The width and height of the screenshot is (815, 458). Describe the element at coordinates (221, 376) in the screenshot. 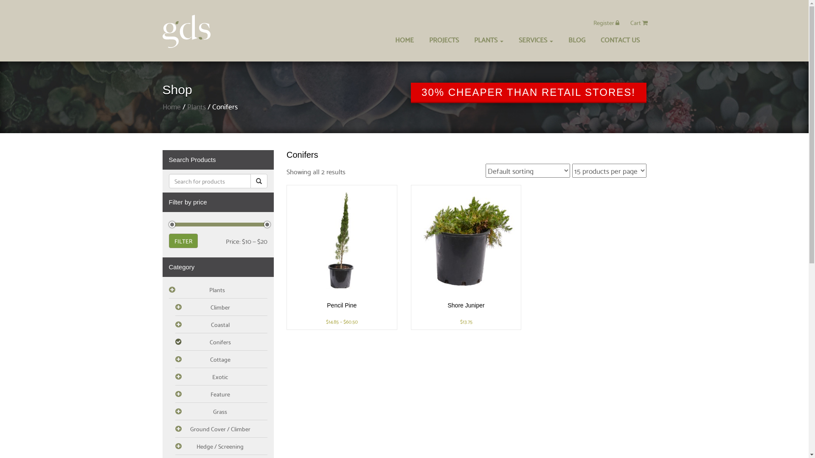

I see `'Exotic'` at that location.